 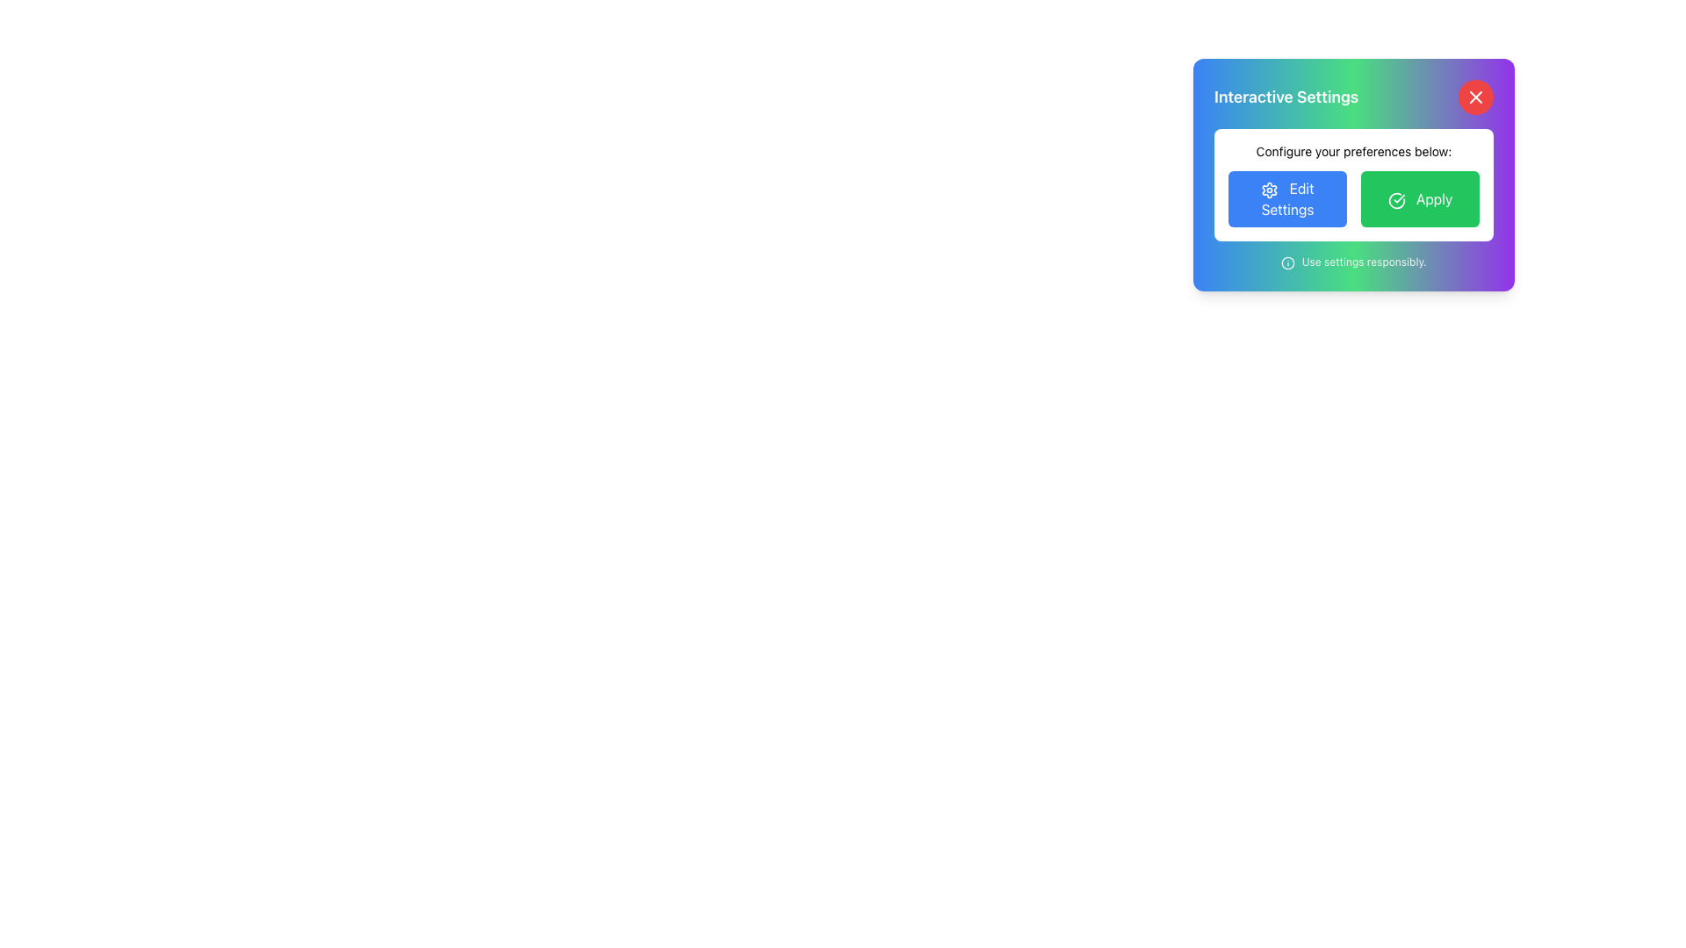 What do you see at coordinates (1288, 262) in the screenshot?
I see `the SVG Circle Component, which is a circular shape with no fill color and an outlined stroke, located in the bottom-left area of the interactive settings window` at bounding box center [1288, 262].